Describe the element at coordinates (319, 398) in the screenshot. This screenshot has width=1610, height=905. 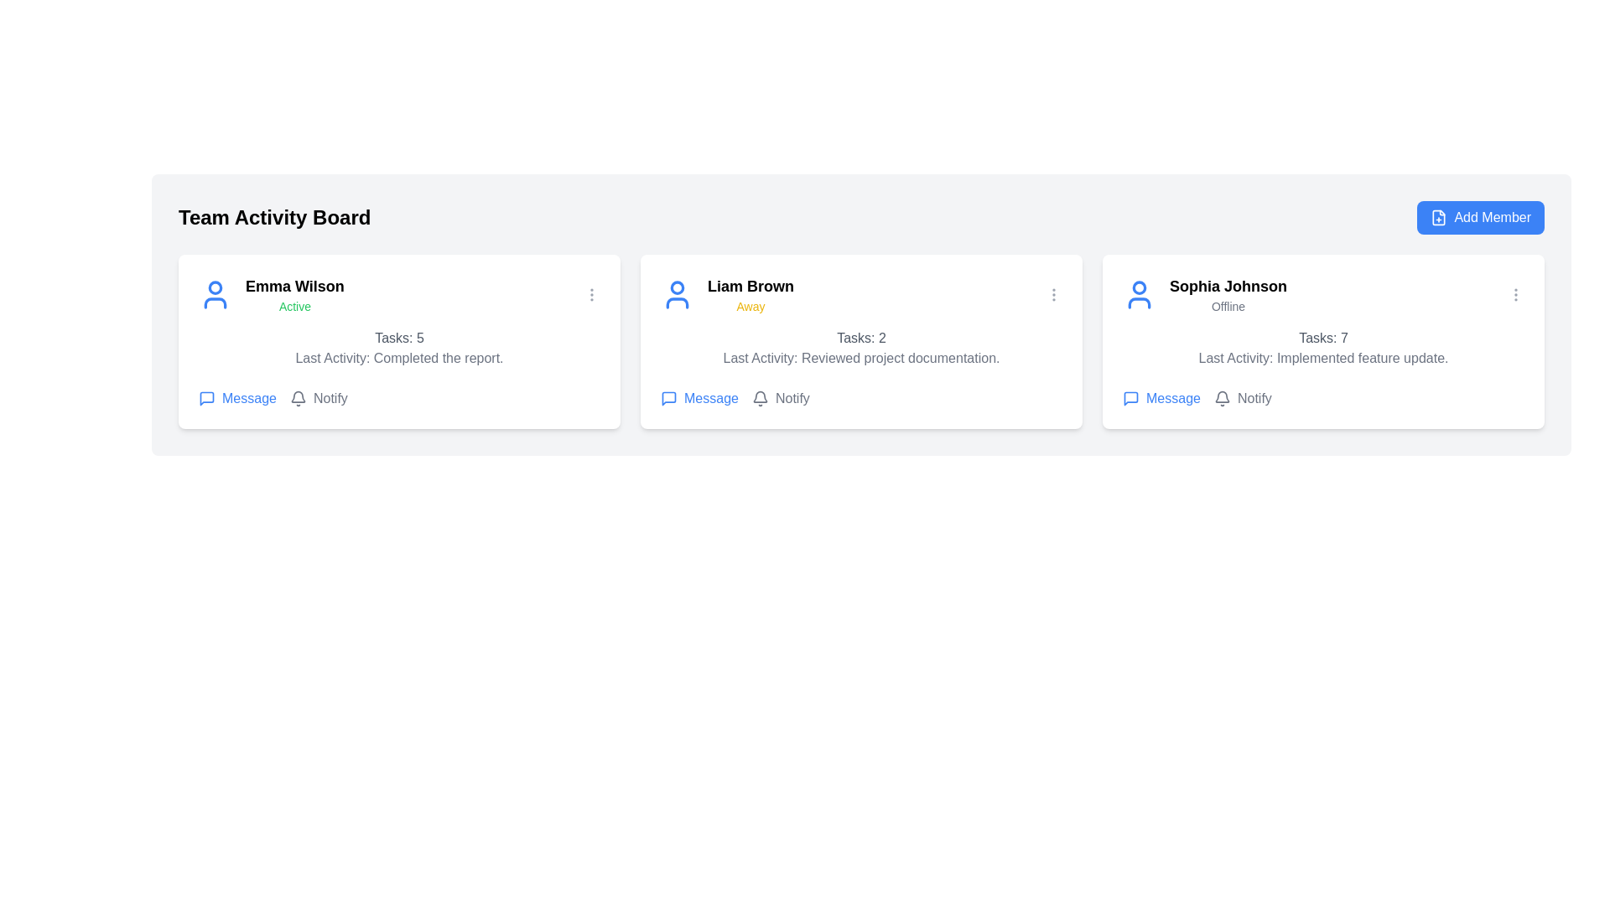
I see `the 'Notify' button with a bell icon located in the lower part of the card for user 'Emma Wilson' on the 'Team Activity Board'` at that location.